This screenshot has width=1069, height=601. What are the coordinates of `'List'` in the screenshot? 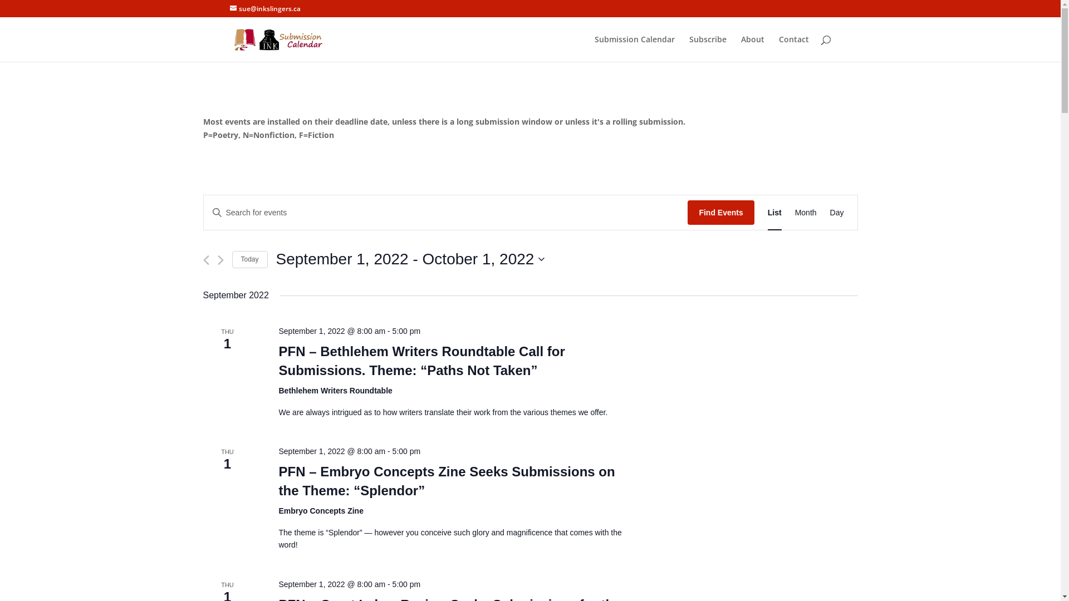 It's located at (767, 213).